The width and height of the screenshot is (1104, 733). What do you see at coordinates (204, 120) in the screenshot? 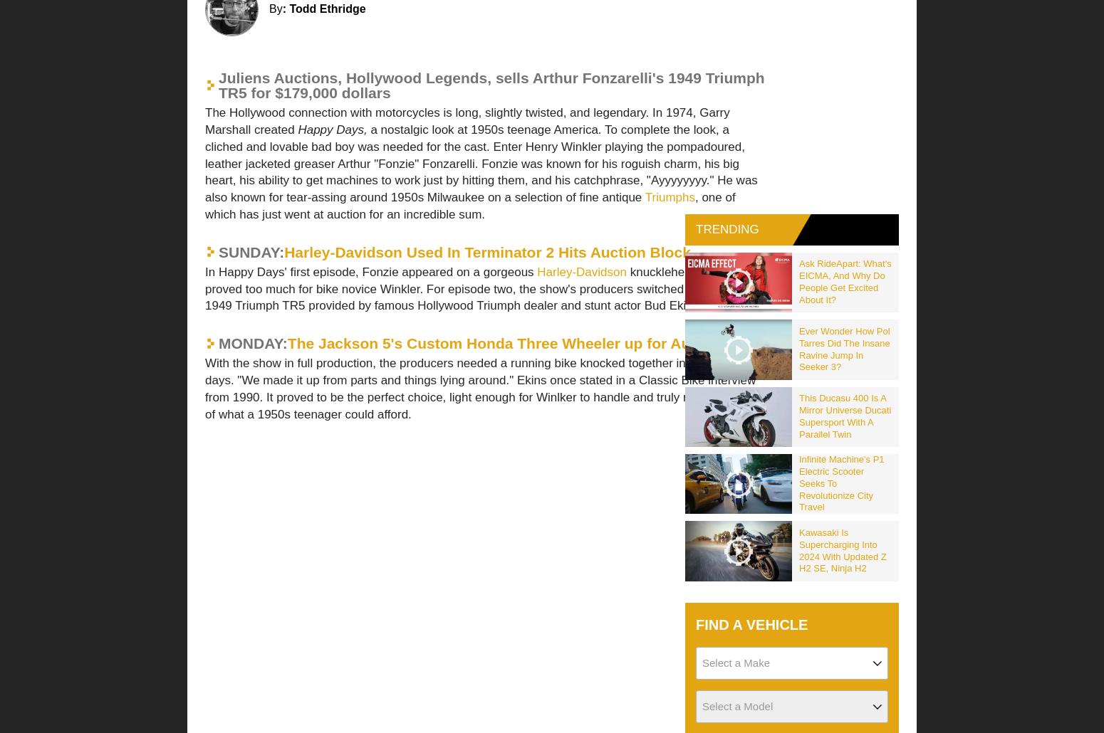
I see `'The Hollywood connection with motorcycles is long, slightly twisted, and legendary. In 1974, Garry Marshall created'` at bounding box center [204, 120].